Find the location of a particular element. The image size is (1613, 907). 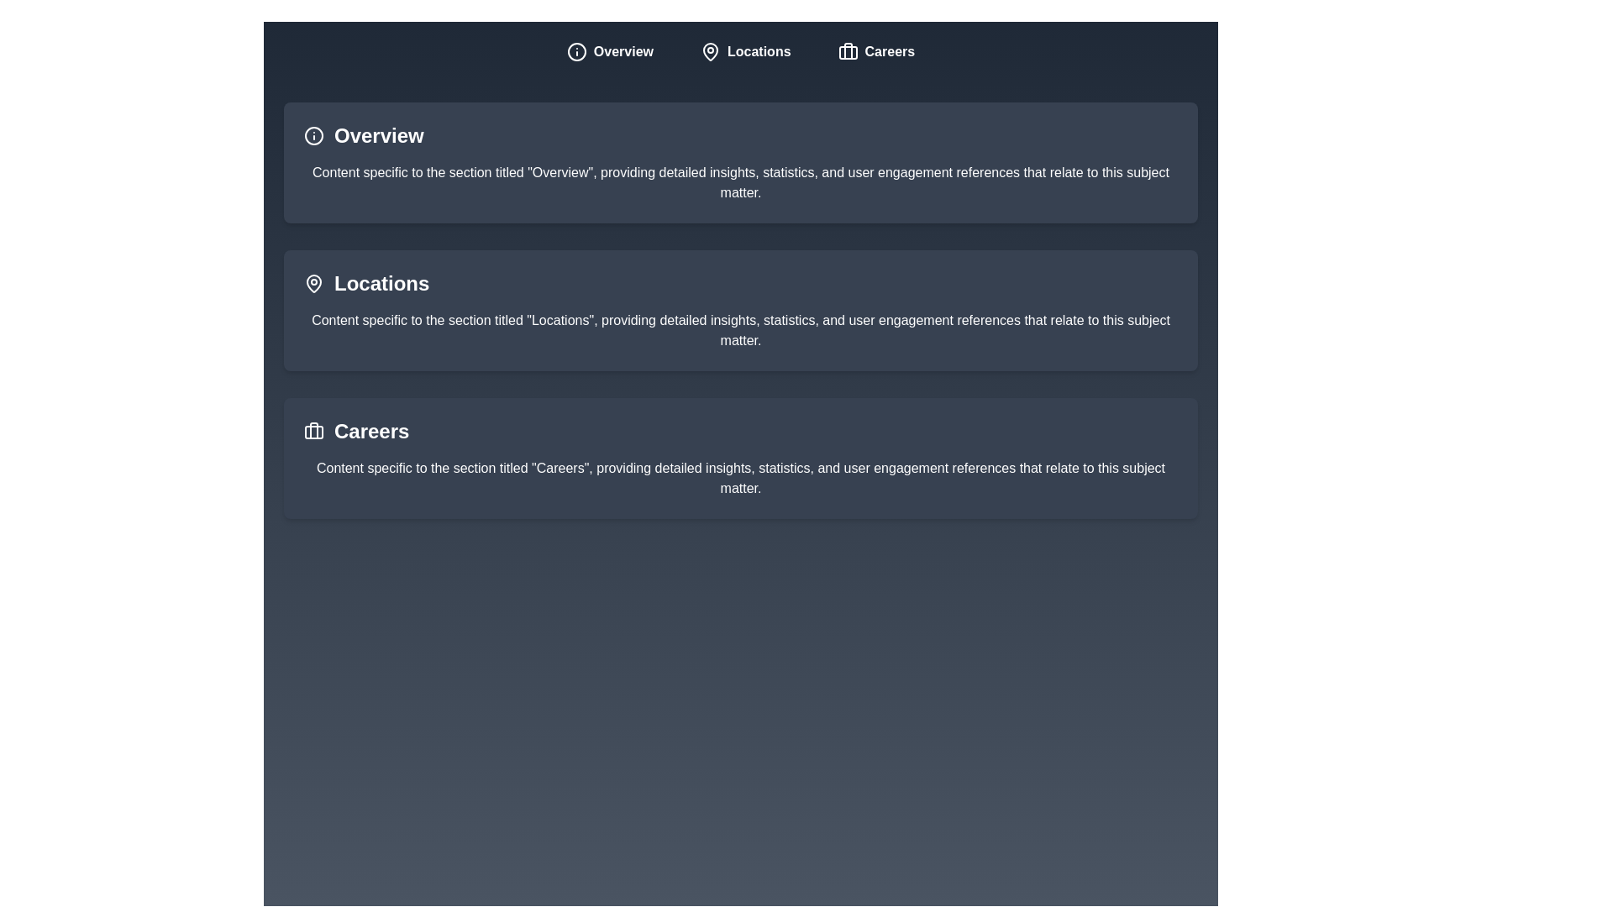

the 'Locations' button in the navigation menu is located at coordinates (744, 50).